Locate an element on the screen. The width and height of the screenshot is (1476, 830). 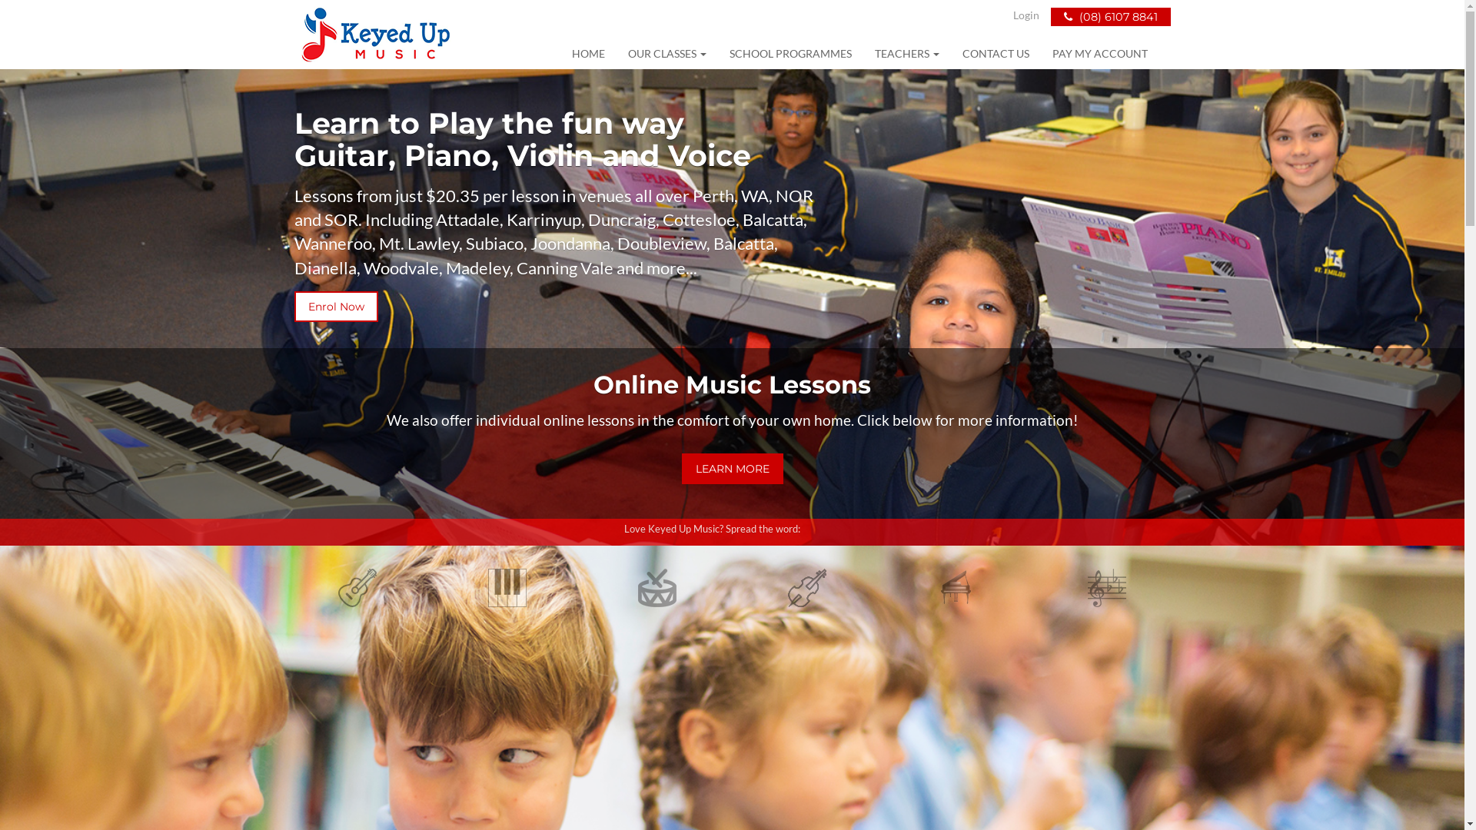
'PAY MY ACCOUNT' is located at coordinates (1099, 52).